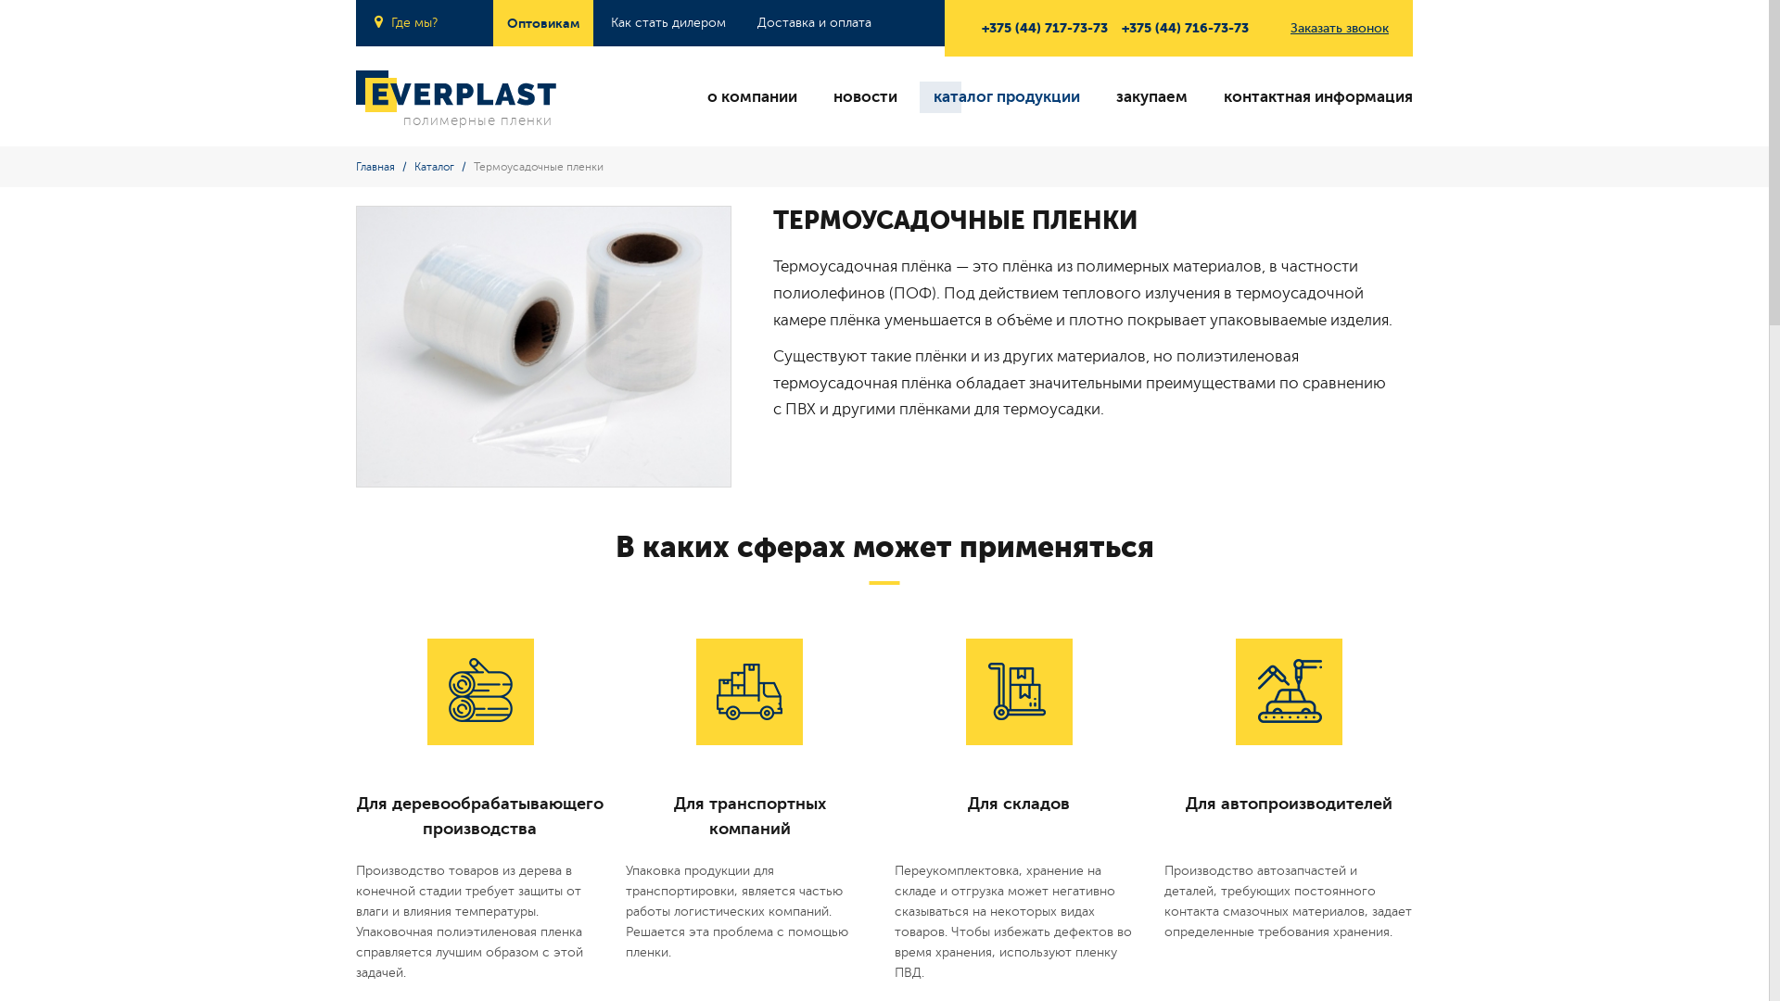  Describe the element at coordinates (1184, 28) in the screenshot. I see `'+375 (44) 716-73-73'` at that location.